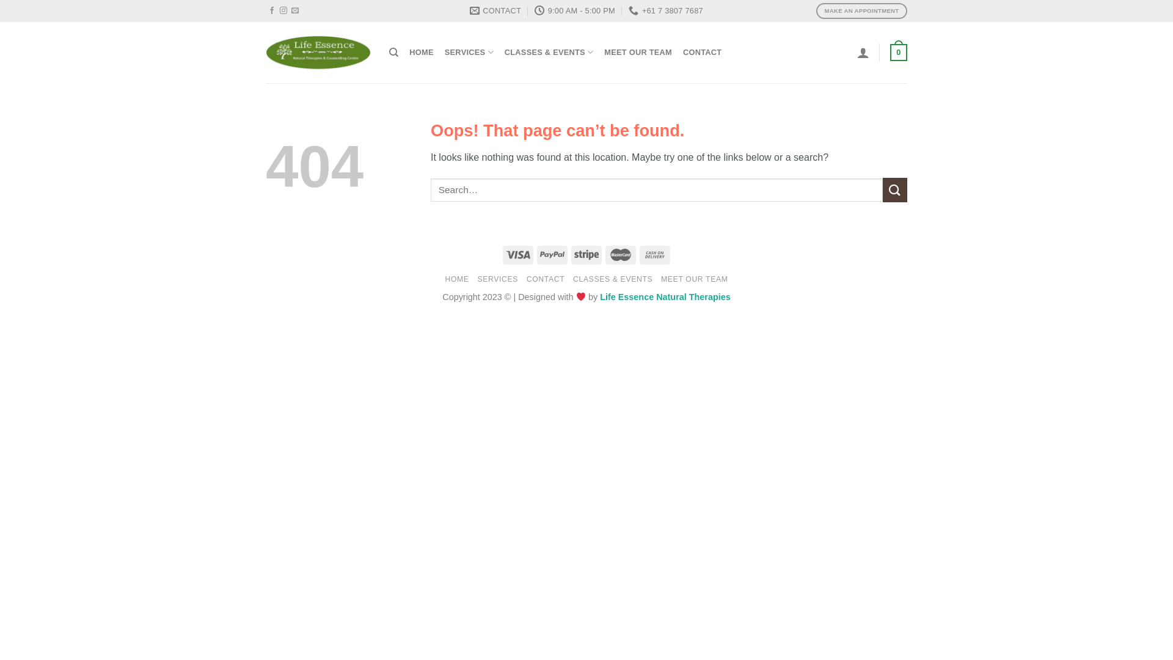 Image resolution: width=1173 pixels, height=660 pixels. Describe the element at coordinates (574, 11) in the screenshot. I see `'9:00 AM - 5:00 PM'` at that location.